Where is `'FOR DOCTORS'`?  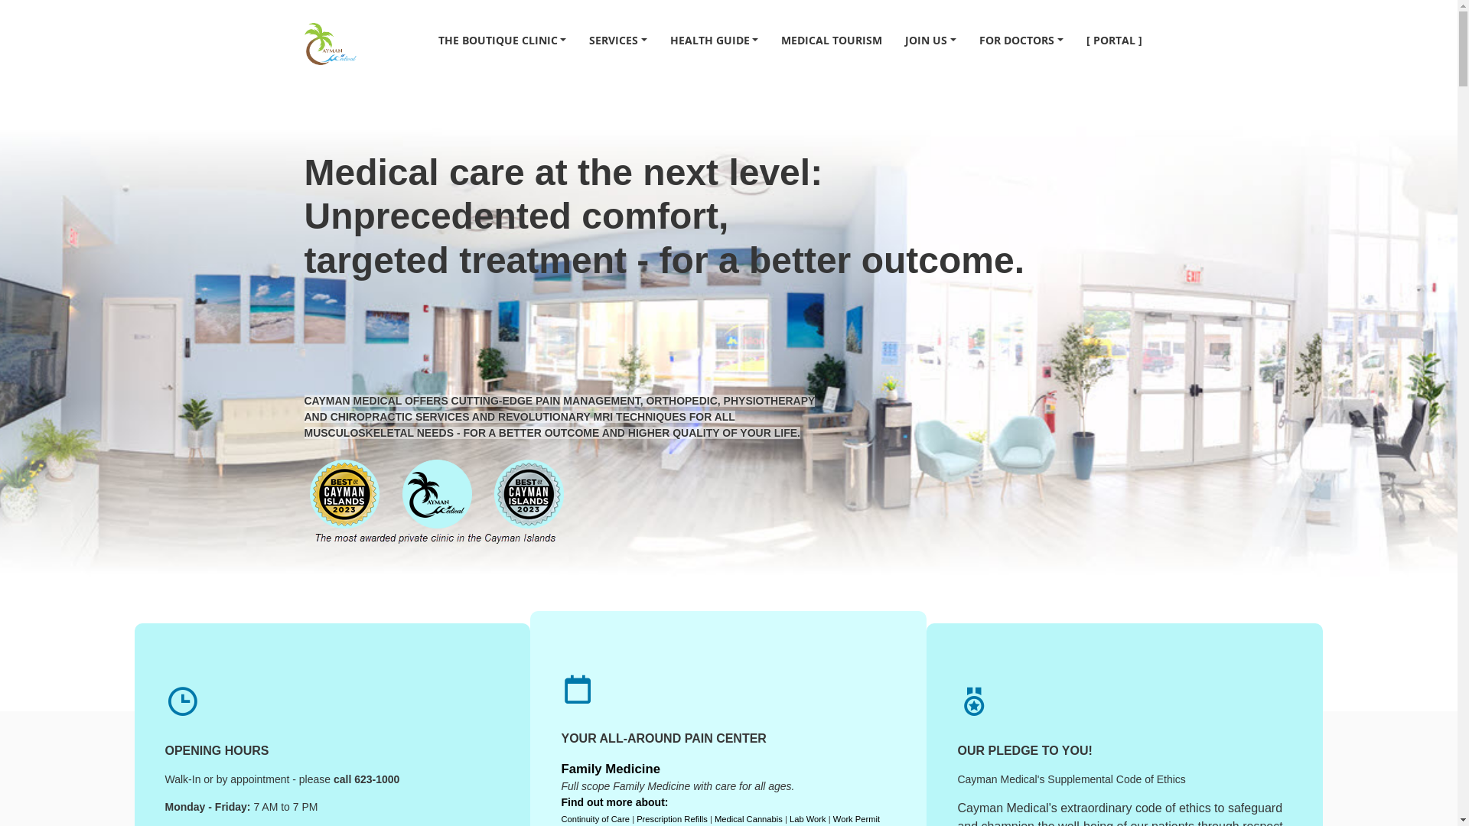
'FOR DOCTORS' is located at coordinates (1021, 39).